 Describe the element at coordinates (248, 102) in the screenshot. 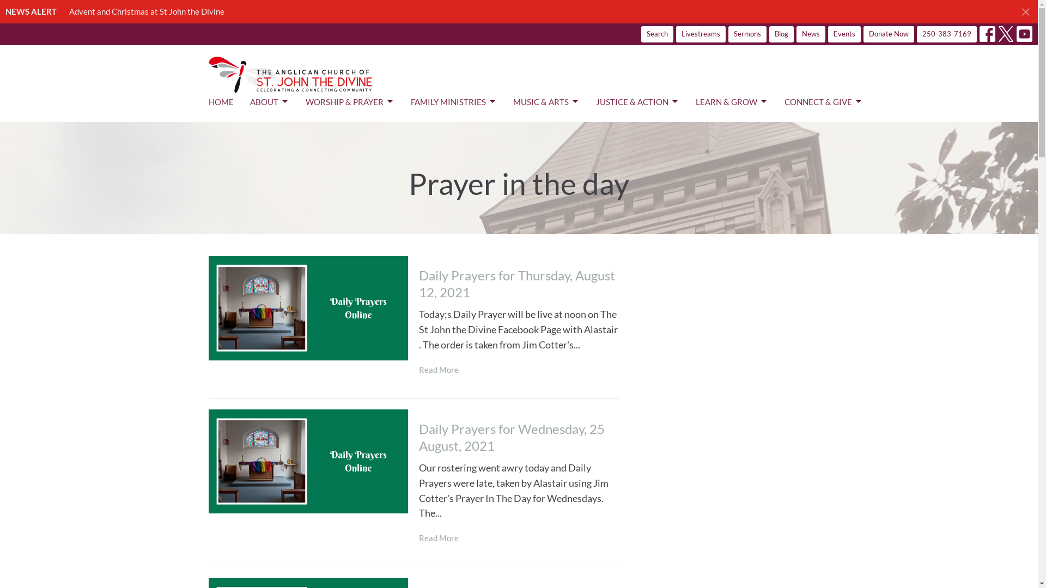

I see `'ABOUT'` at that location.